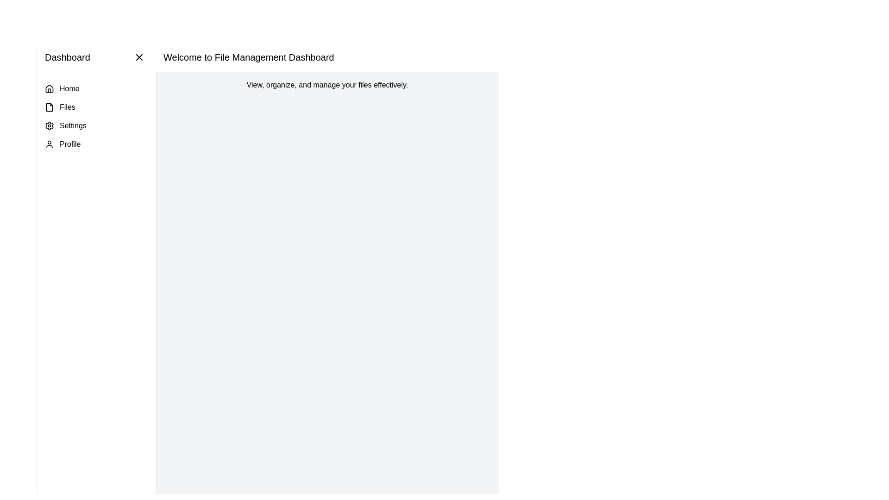  What do you see at coordinates (97, 126) in the screenshot?
I see `the third option in the vertical menu list that navigates to the Settings section of the application` at bounding box center [97, 126].